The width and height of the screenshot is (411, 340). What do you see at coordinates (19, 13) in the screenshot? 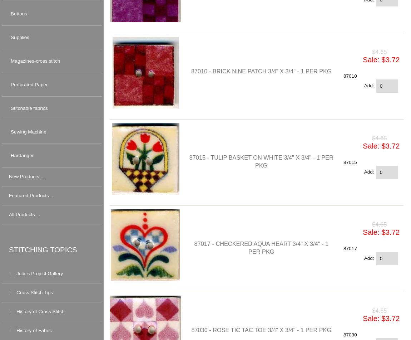
I see `'Buttons'` at bounding box center [19, 13].